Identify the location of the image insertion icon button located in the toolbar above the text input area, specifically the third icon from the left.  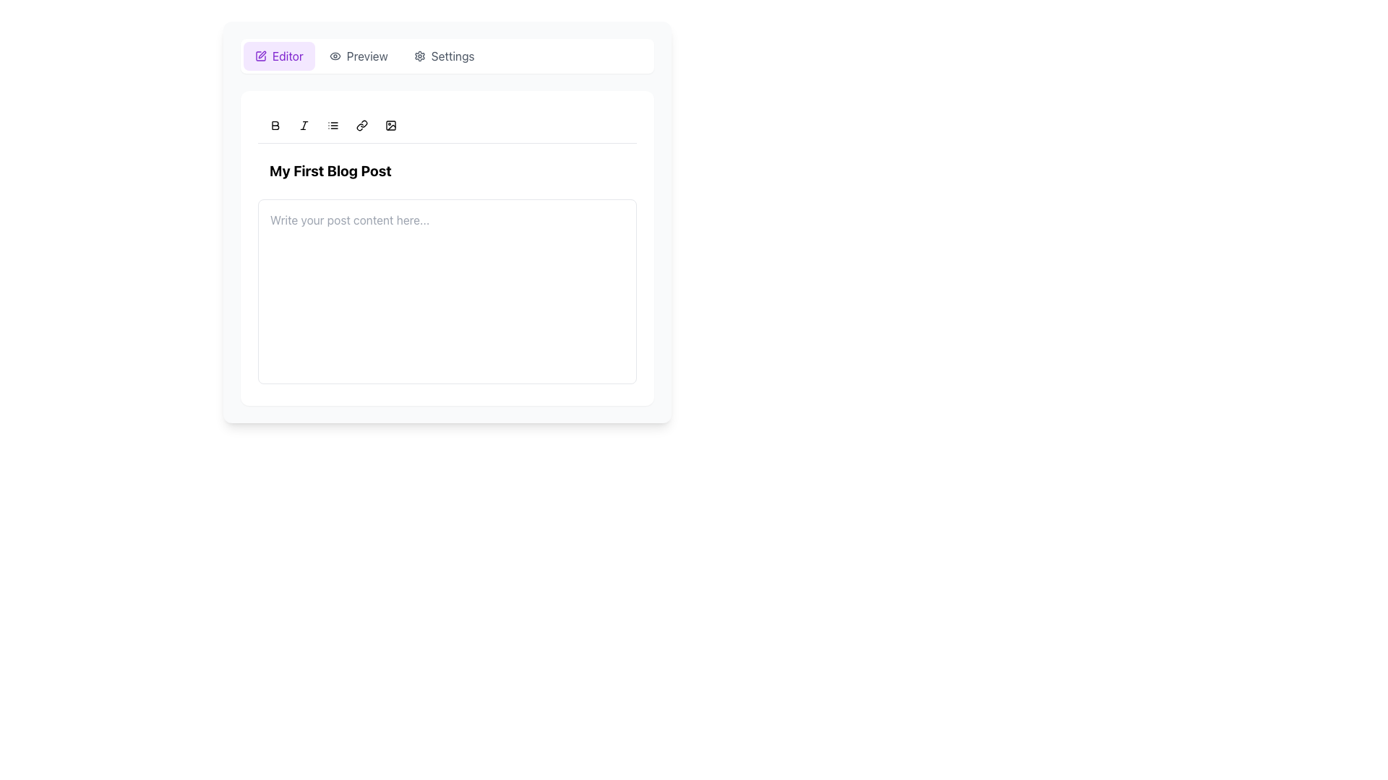
(391, 124).